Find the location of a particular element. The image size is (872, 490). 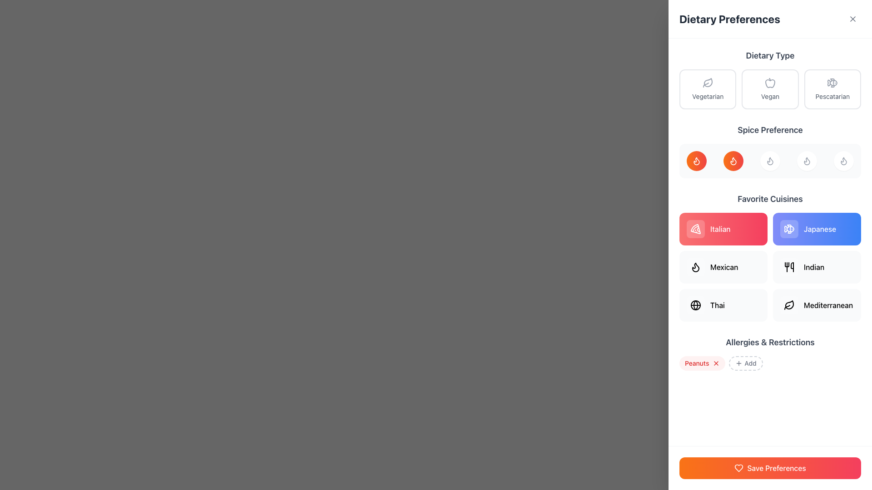

the text label 'Pescatarian' within the 'Dietary Type' section of the 'Dietary Preferences' form, which is styled in gray and positioned as the third option in a horizontal list is located at coordinates (832, 96).